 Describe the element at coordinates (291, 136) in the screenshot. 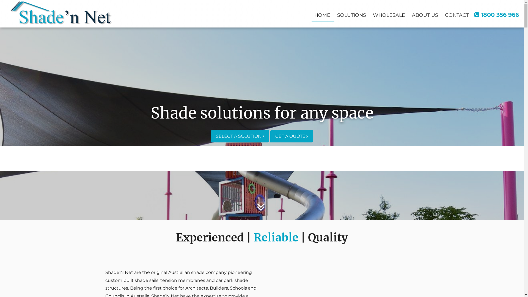

I see `'GET A QUOTE'` at that location.